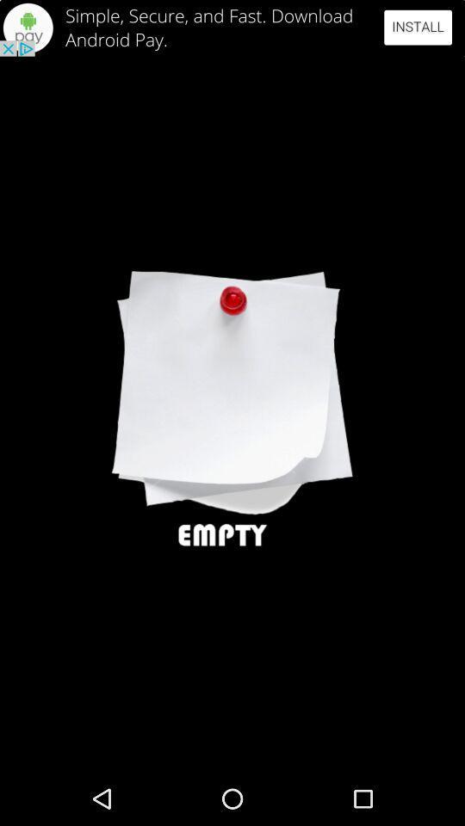 Image resolution: width=465 pixels, height=826 pixels. I want to click on advertisement area, so click(232, 27).